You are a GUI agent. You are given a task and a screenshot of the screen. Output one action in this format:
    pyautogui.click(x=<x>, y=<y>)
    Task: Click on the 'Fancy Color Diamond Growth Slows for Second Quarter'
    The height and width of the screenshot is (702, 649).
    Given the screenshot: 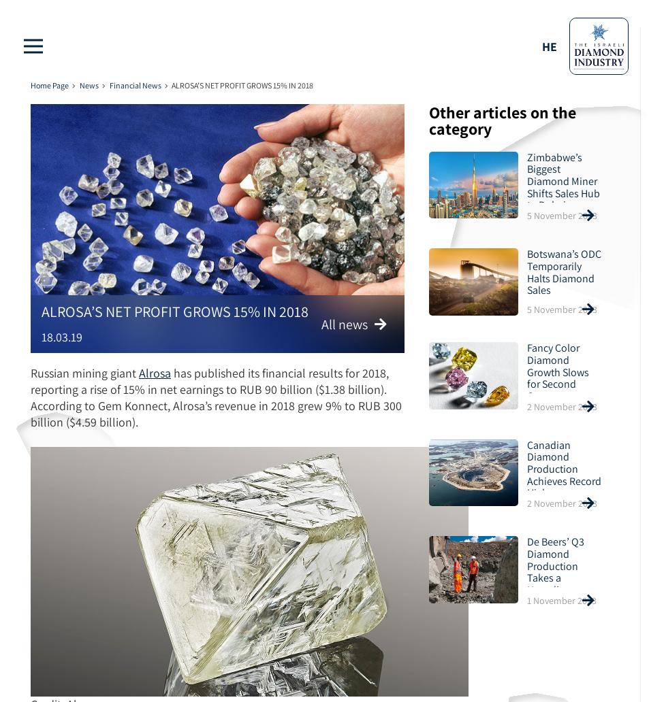 What is the action you would take?
    pyautogui.click(x=526, y=371)
    